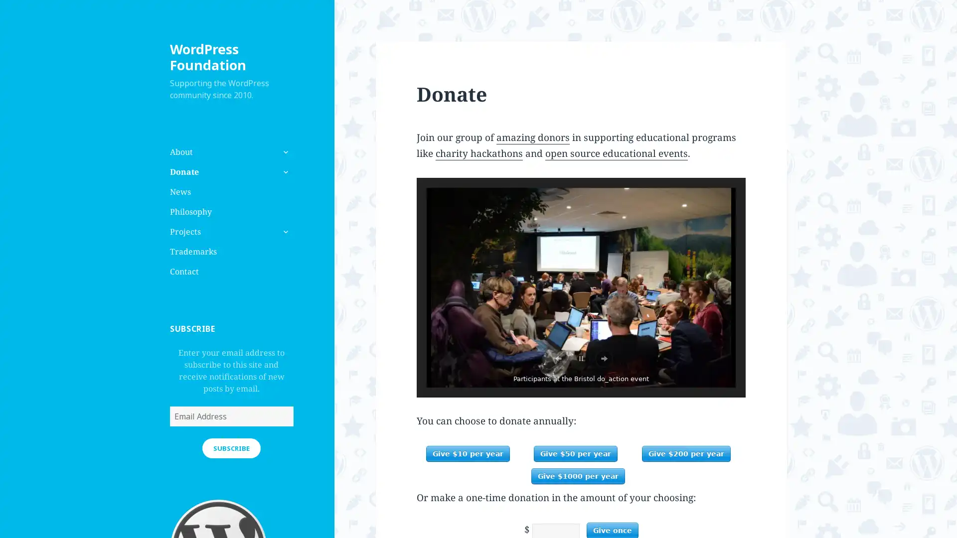 The width and height of the screenshot is (957, 538). Describe the element at coordinates (284, 151) in the screenshot. I see `expand child menu` at that location.